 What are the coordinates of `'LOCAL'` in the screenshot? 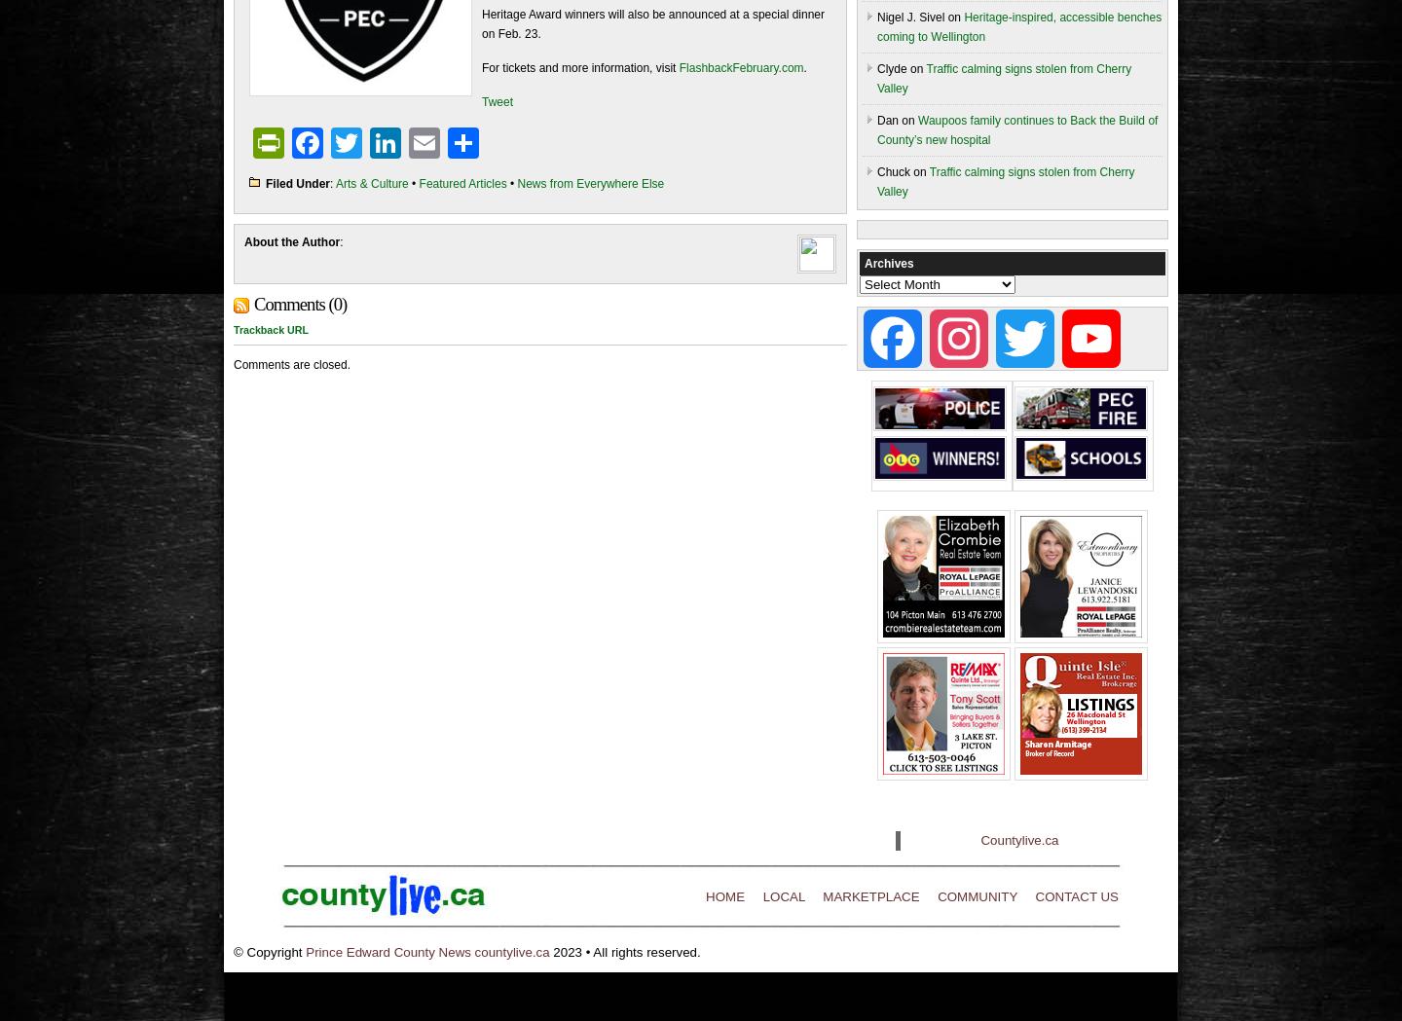 It's located at (783, 895).